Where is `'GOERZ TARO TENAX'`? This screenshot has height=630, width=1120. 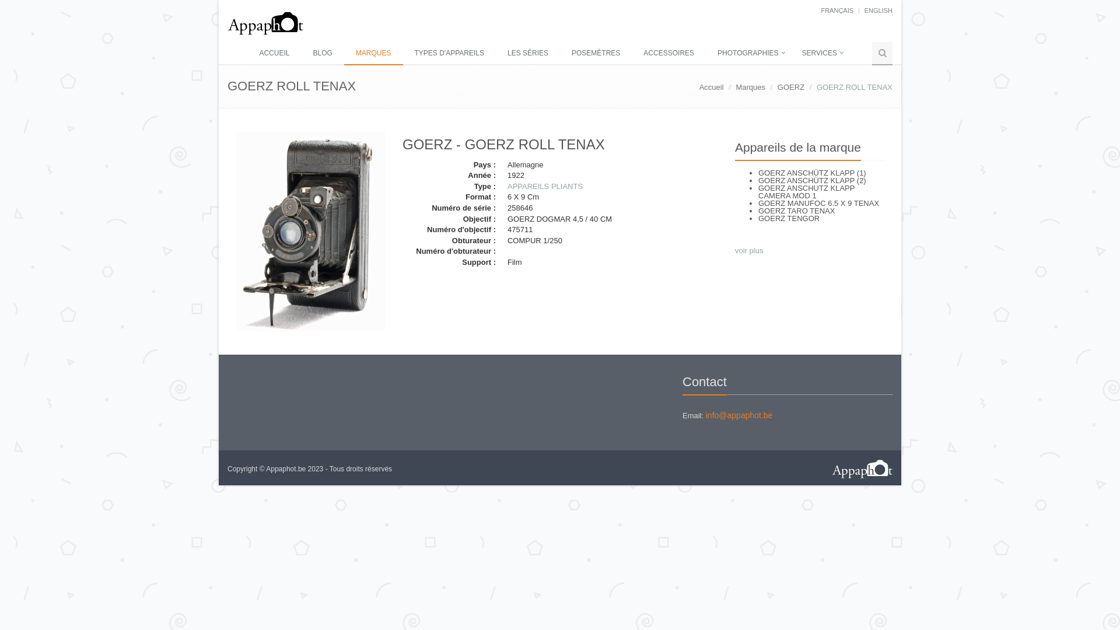 'GOERZ TARO TENAX' is located at coordinates (758, 211).